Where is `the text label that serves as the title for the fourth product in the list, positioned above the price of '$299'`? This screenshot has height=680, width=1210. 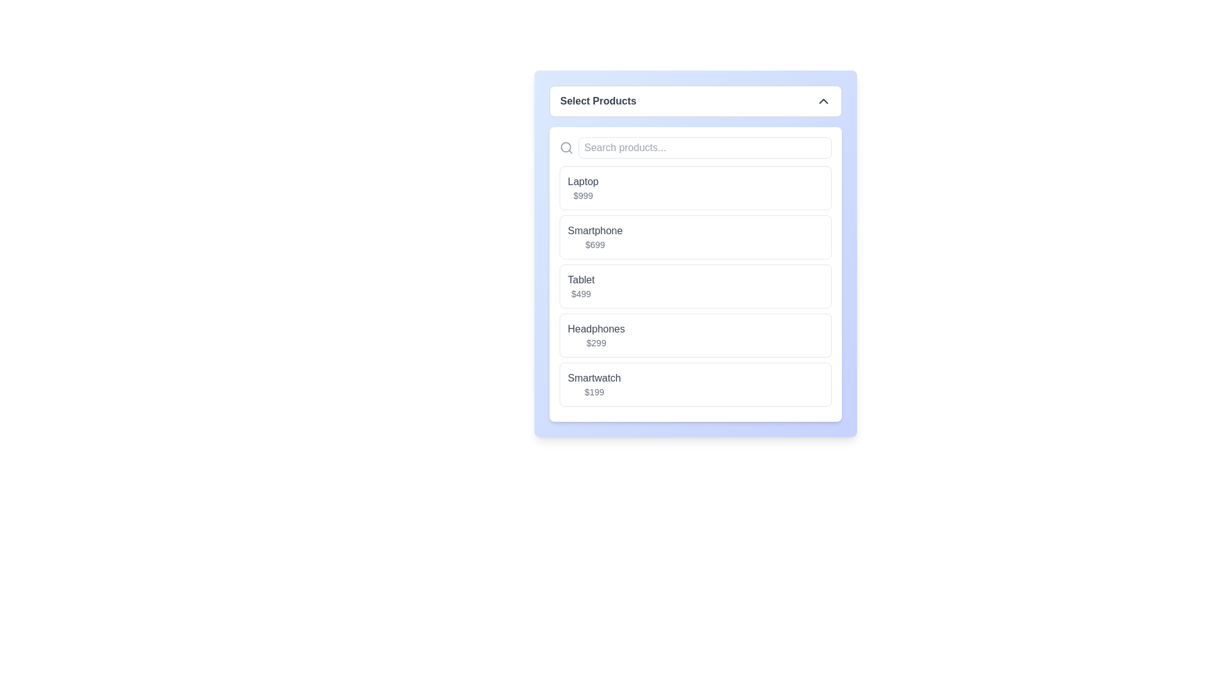 the text label that serves as the title for the fourth product in the list, positioned above the price of '$299' is located at coordinates (596, 329).